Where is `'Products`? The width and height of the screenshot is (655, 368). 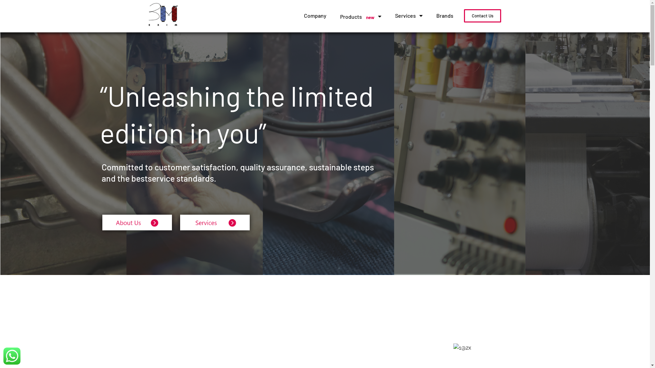
'Products is located at coordinates (360, 16).